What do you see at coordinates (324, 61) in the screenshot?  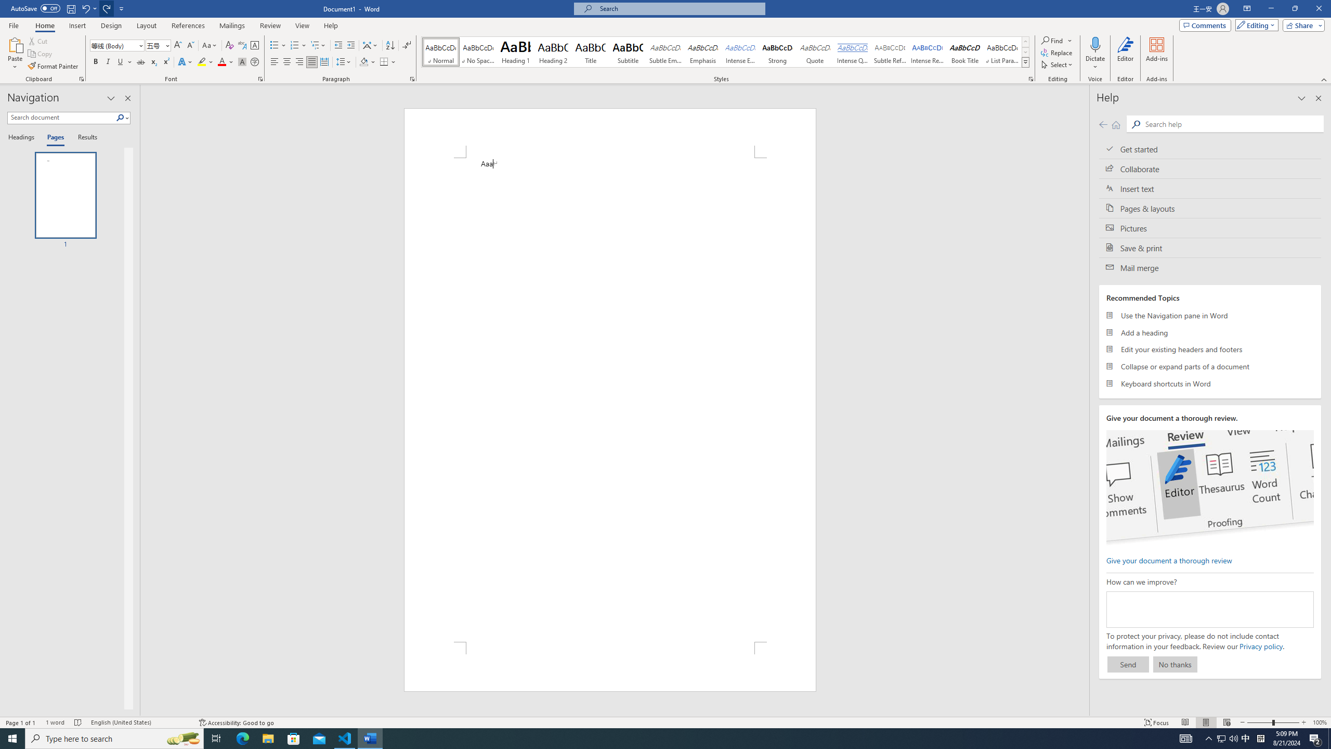 I see `'Distributed'` at bounding box center [324, 61].